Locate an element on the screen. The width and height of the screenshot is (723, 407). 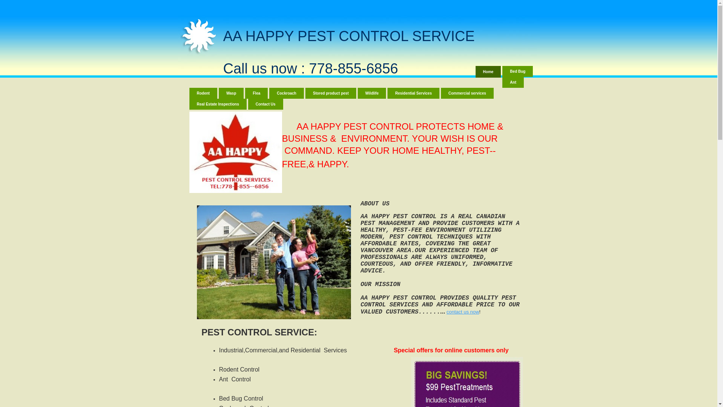
'Wildlife' is located at coordinates (372, 93).